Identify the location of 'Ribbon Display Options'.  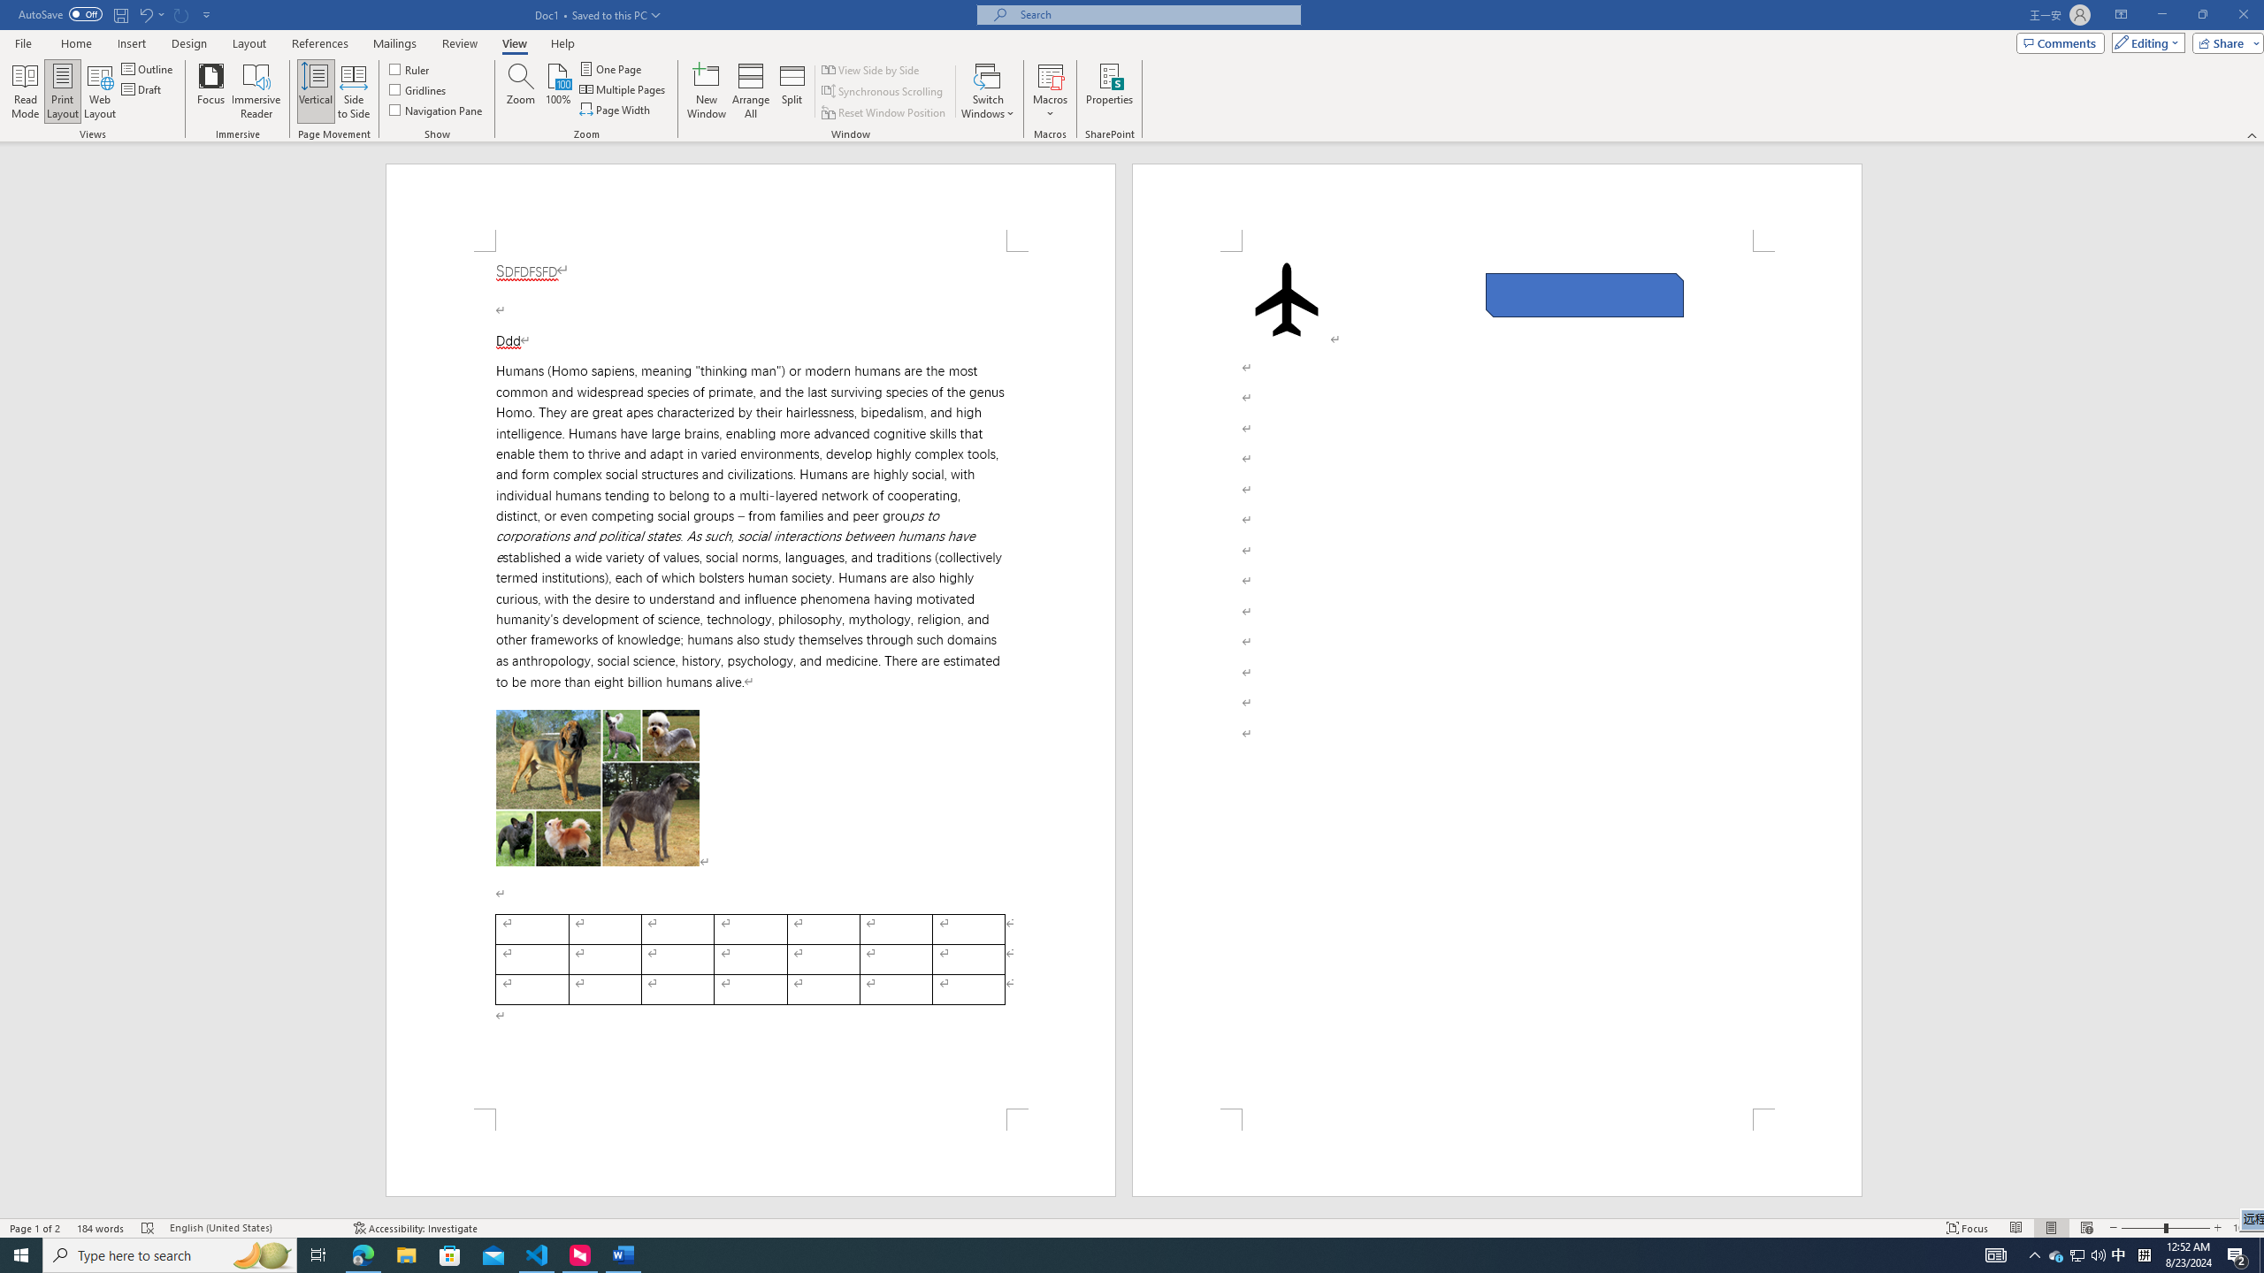
(2120, 14).